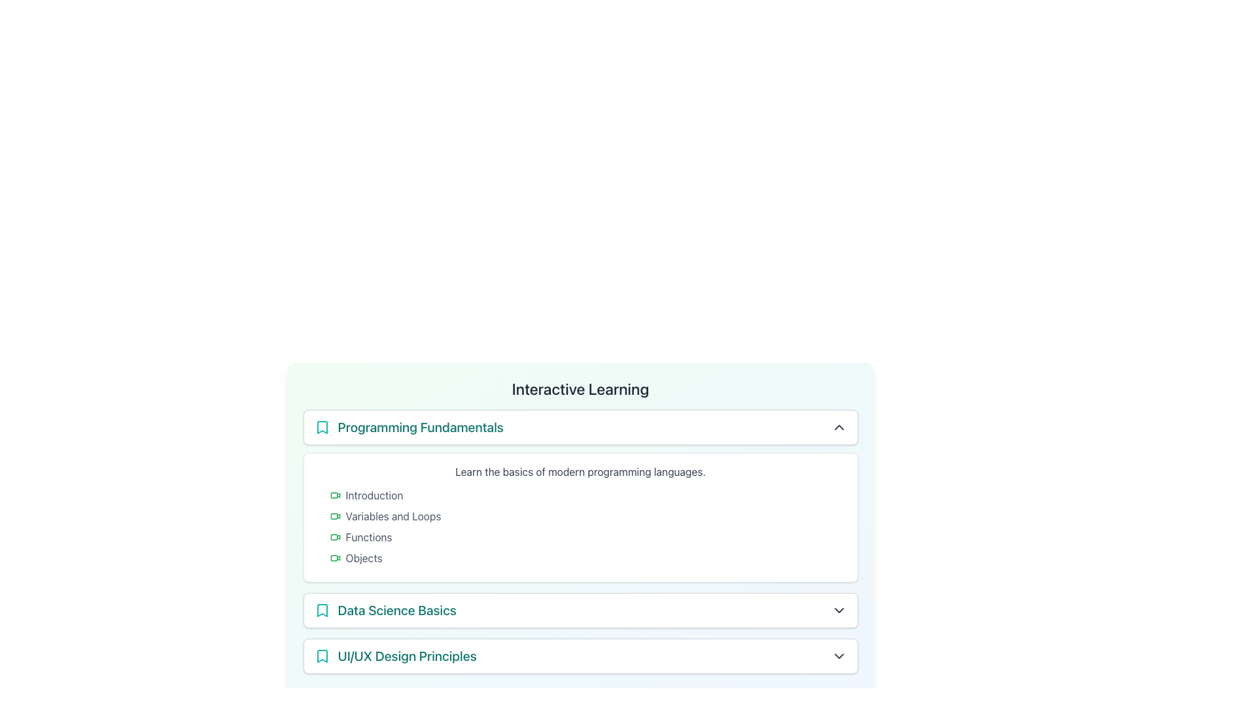  I want to click on the teal bookmark icon adjacent to the 'Data Science Basics' text label located under the 'Programming Fundamentals' section, so click(385, 610).